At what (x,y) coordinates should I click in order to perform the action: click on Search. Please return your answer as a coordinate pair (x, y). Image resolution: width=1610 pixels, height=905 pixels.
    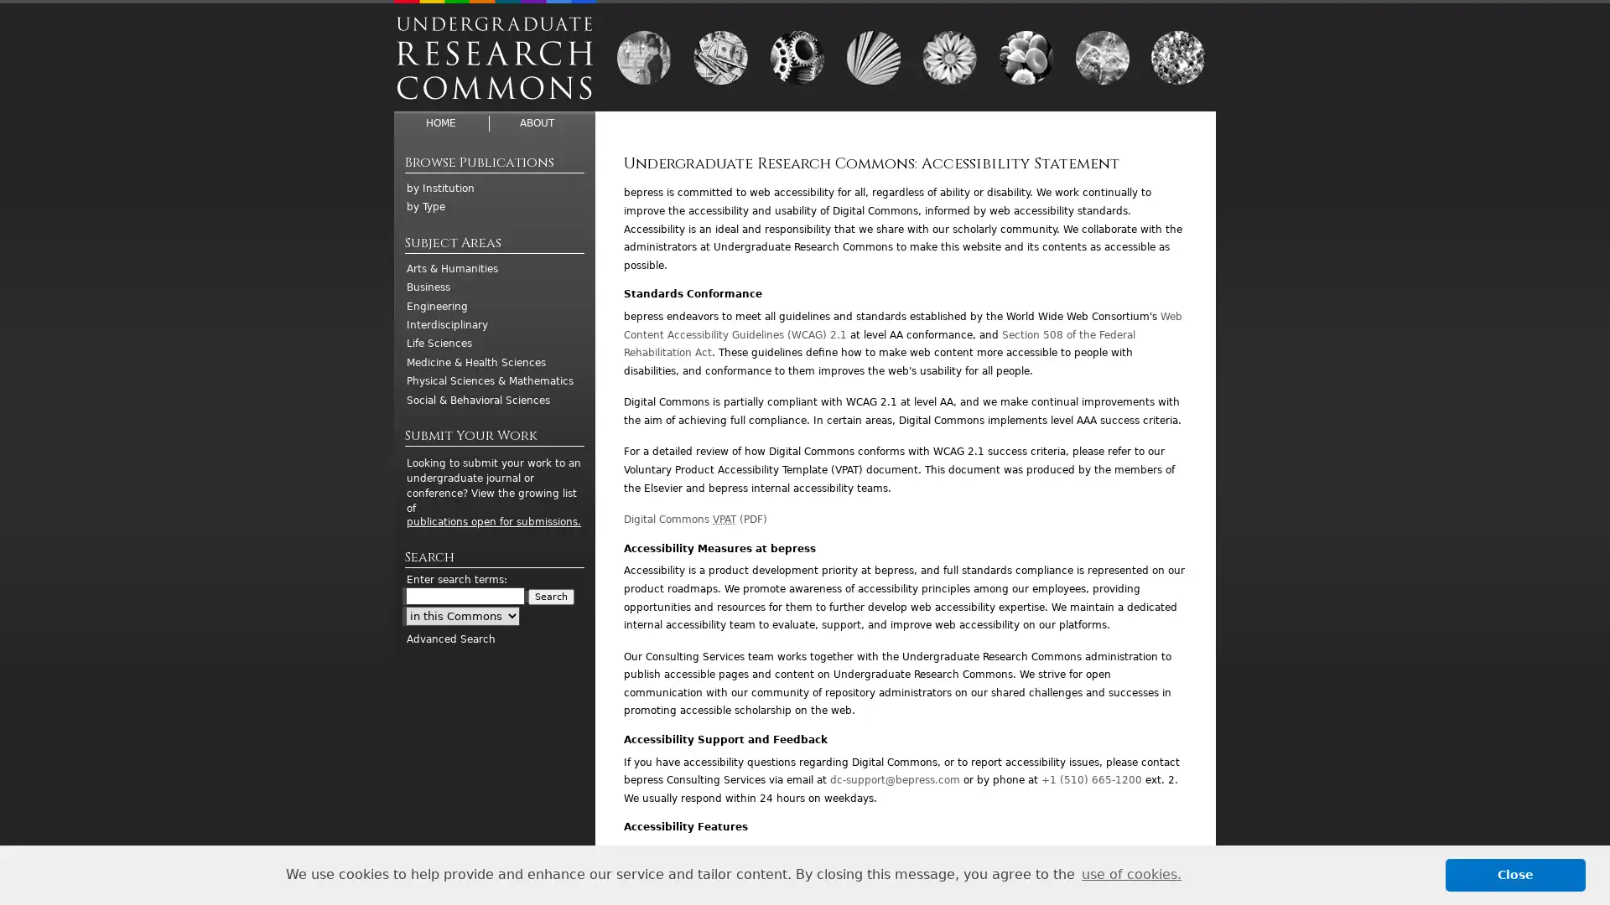
    Looking at the image, I should click on (551, 596).